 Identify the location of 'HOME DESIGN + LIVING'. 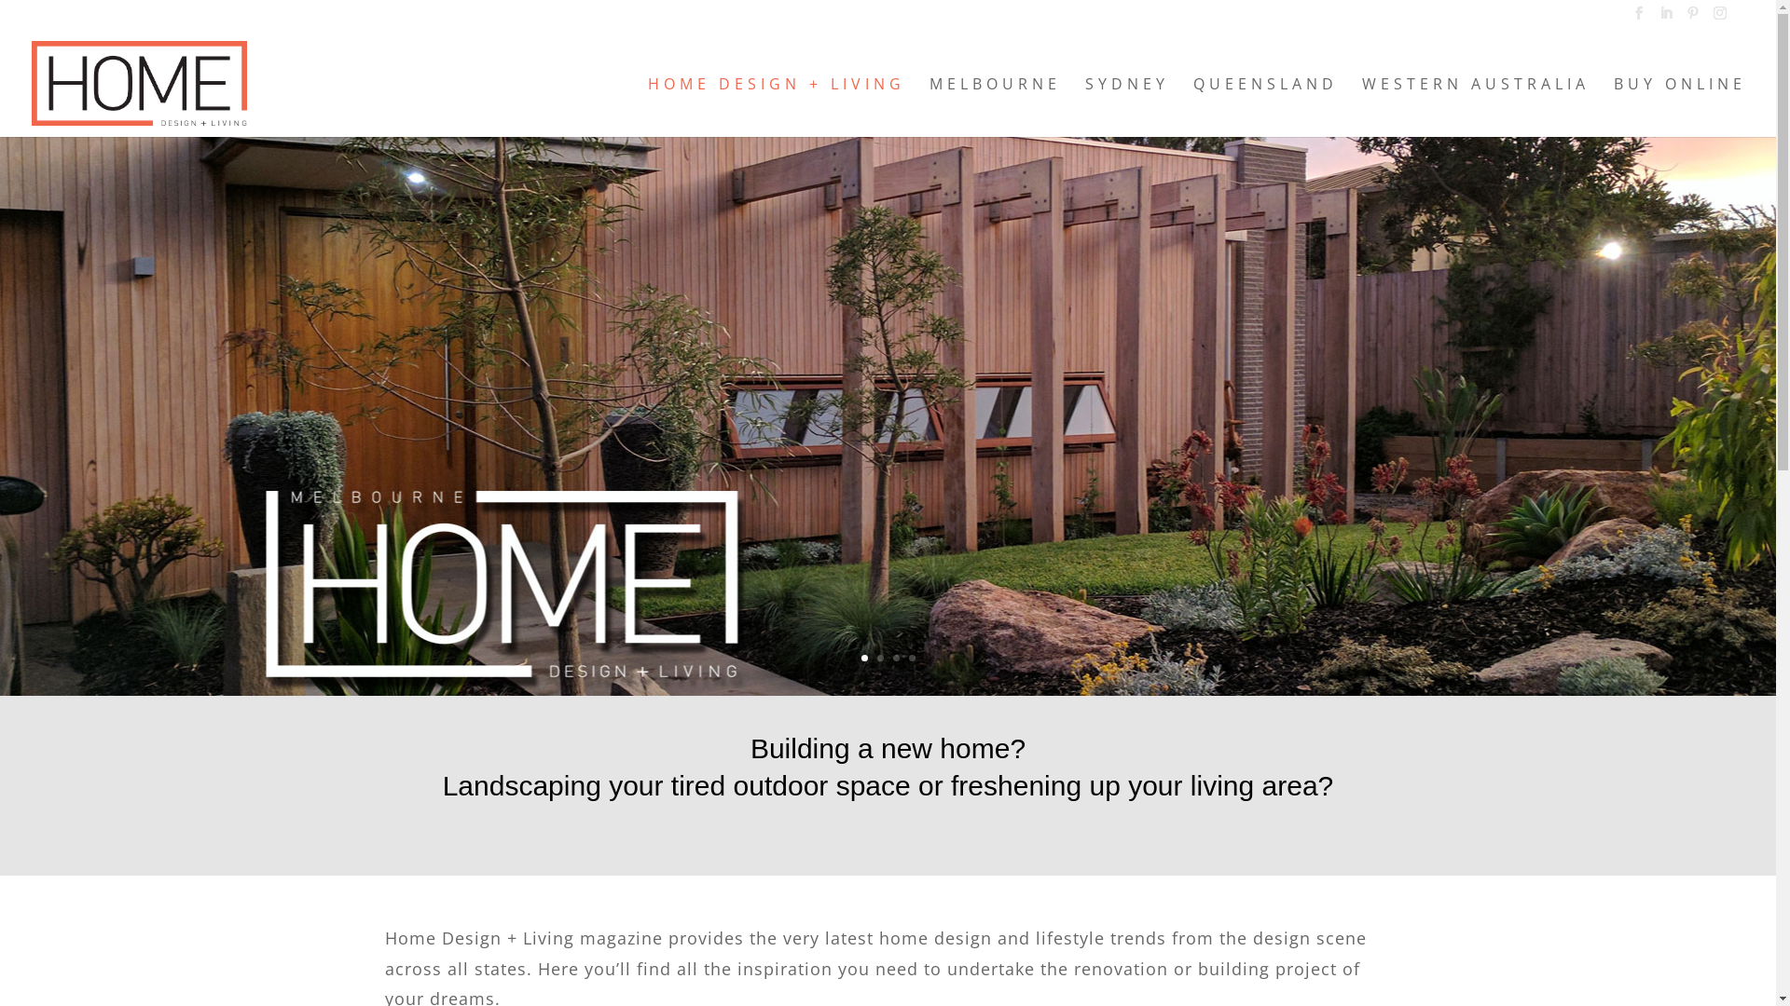
(777, 106).